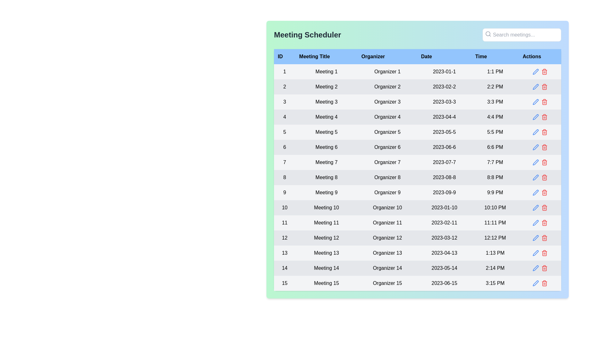  I want to click on the text input field for searching meetings, which is located on the top right of the page header, so click(522, 35).